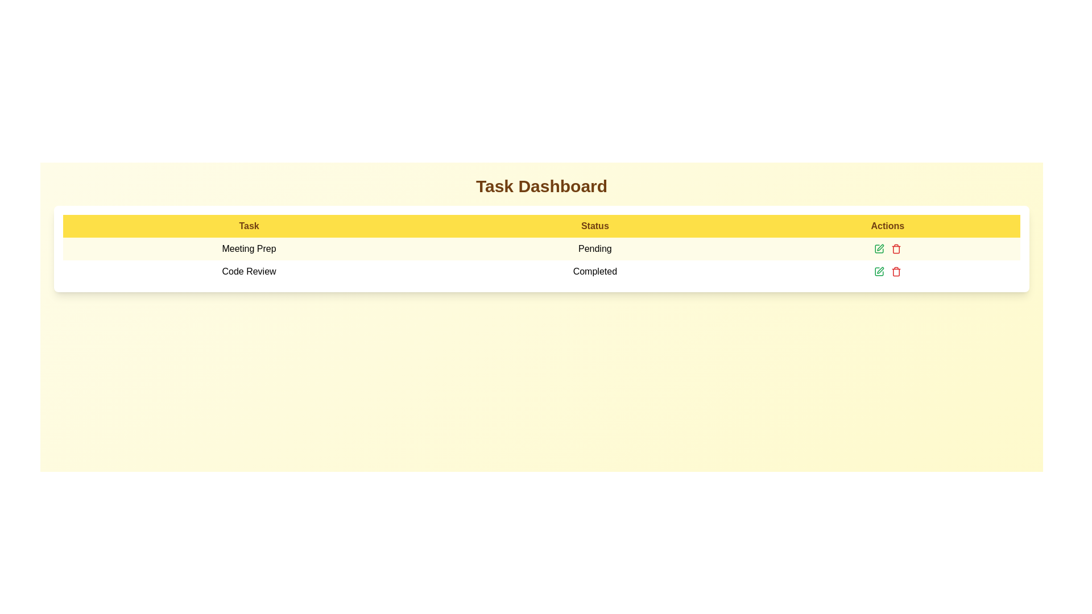 Image resolution: width=1092 pixels, height=614 pixels. I want to click on the trash can icon in the Interactive control group for the 'Meeting Prep' task, so click(887, 248).